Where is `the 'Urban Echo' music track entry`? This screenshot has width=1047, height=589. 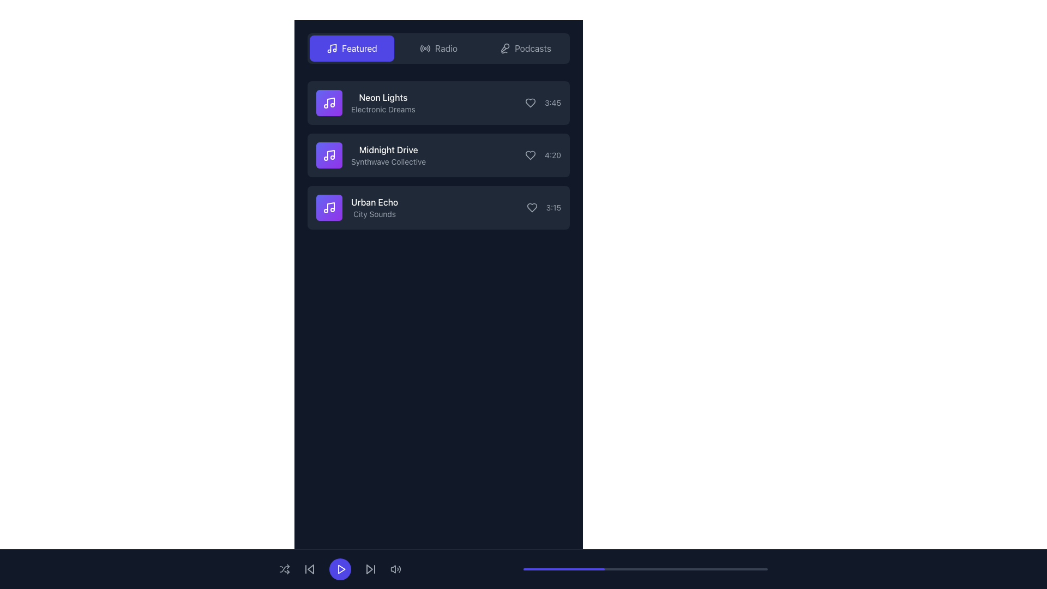 the 'Urban Echo' music track entry is located at coordinates (357, 208).